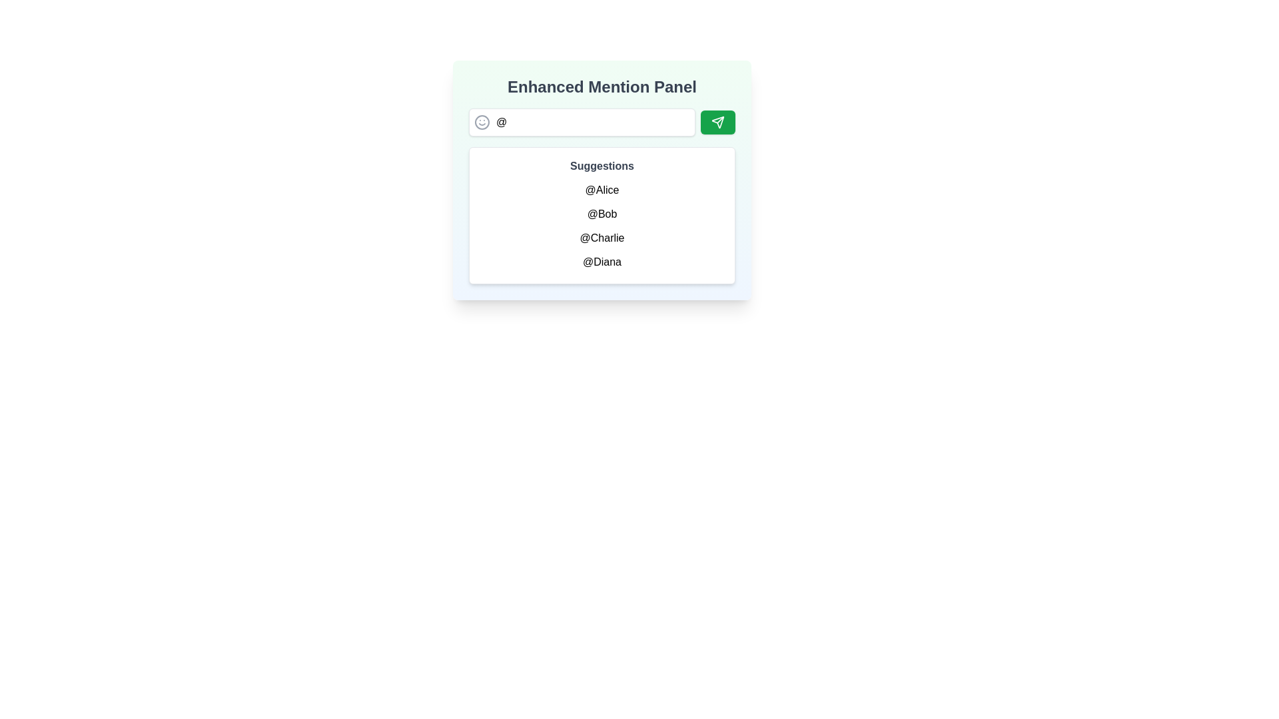  Describe the element at coordinates (601, 238) in the screenshot. I see `the interactive mention text label displaying '@Charlie'` at that location.